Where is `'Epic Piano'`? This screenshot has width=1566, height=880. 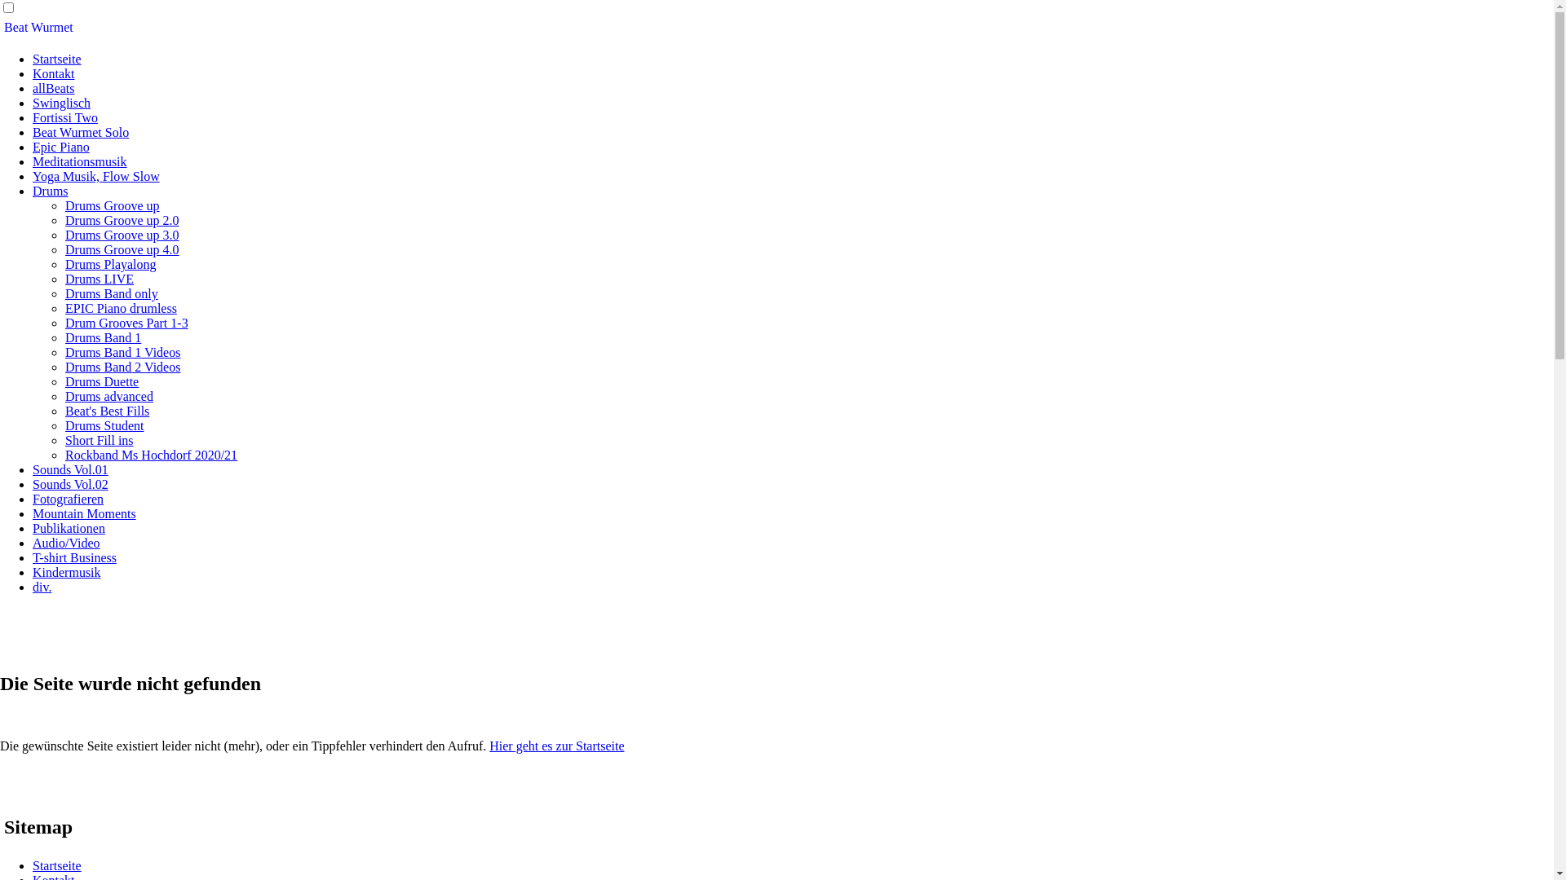 'Epic Piano' is located at coordinates (61, 147).